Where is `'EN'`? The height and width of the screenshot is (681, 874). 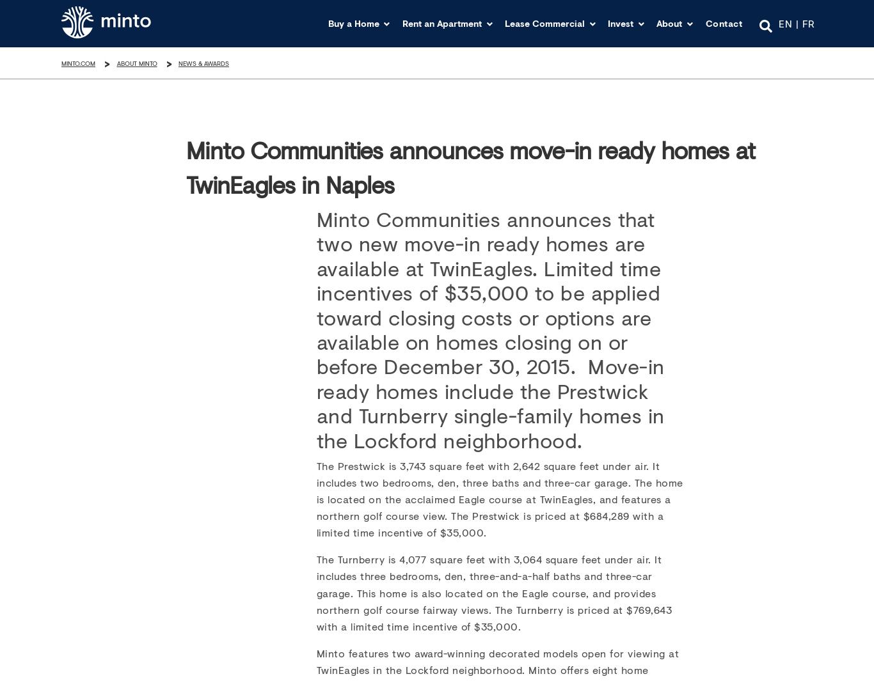
'EN' is located at coordinates (785, 22).